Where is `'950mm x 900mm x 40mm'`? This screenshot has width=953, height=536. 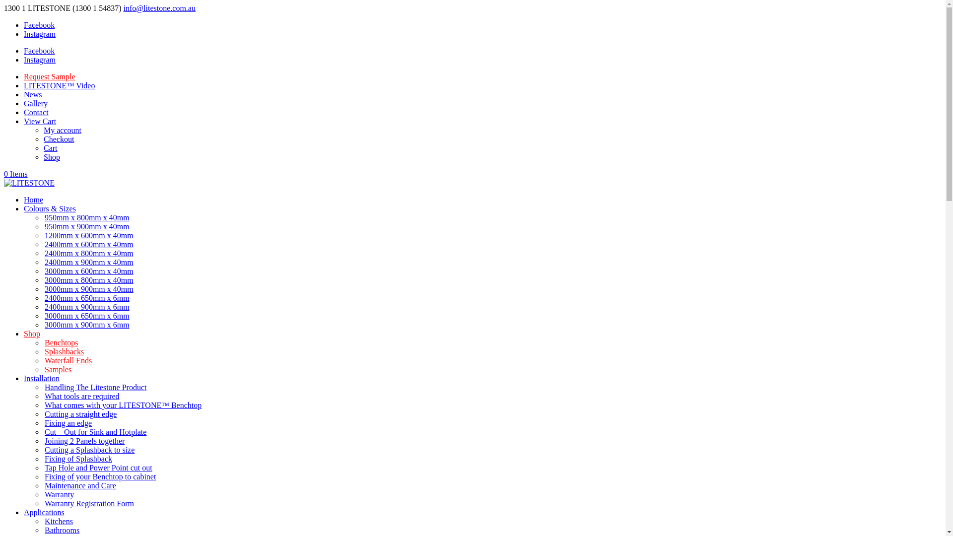 '950mm x 900mm x 40mm' is located at coordinates (87, 226).